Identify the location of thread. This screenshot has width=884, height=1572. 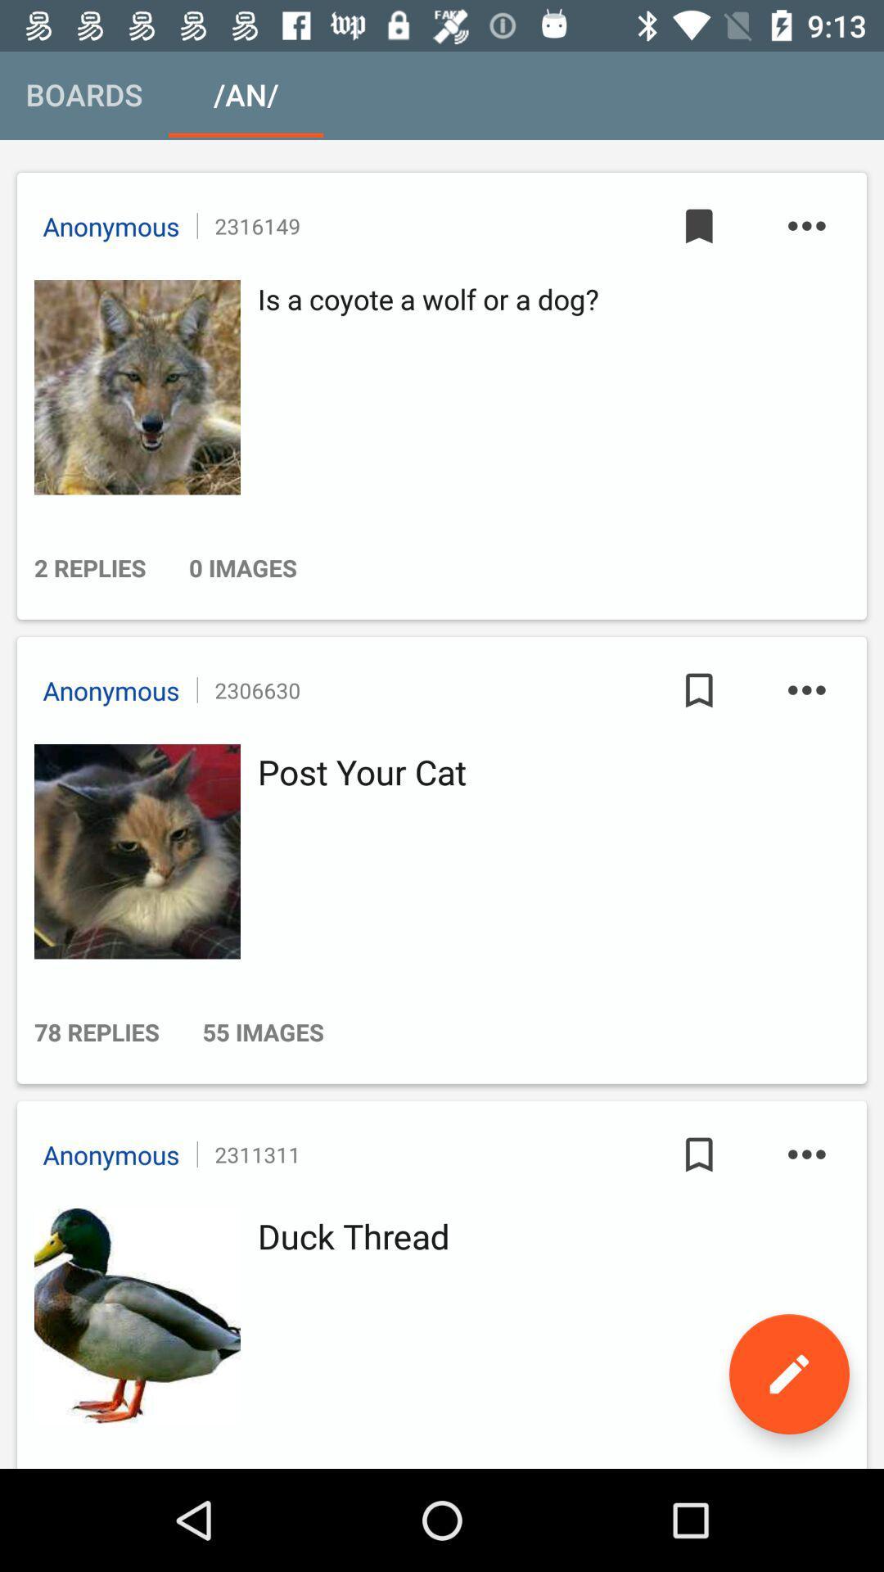
(132, 1316).